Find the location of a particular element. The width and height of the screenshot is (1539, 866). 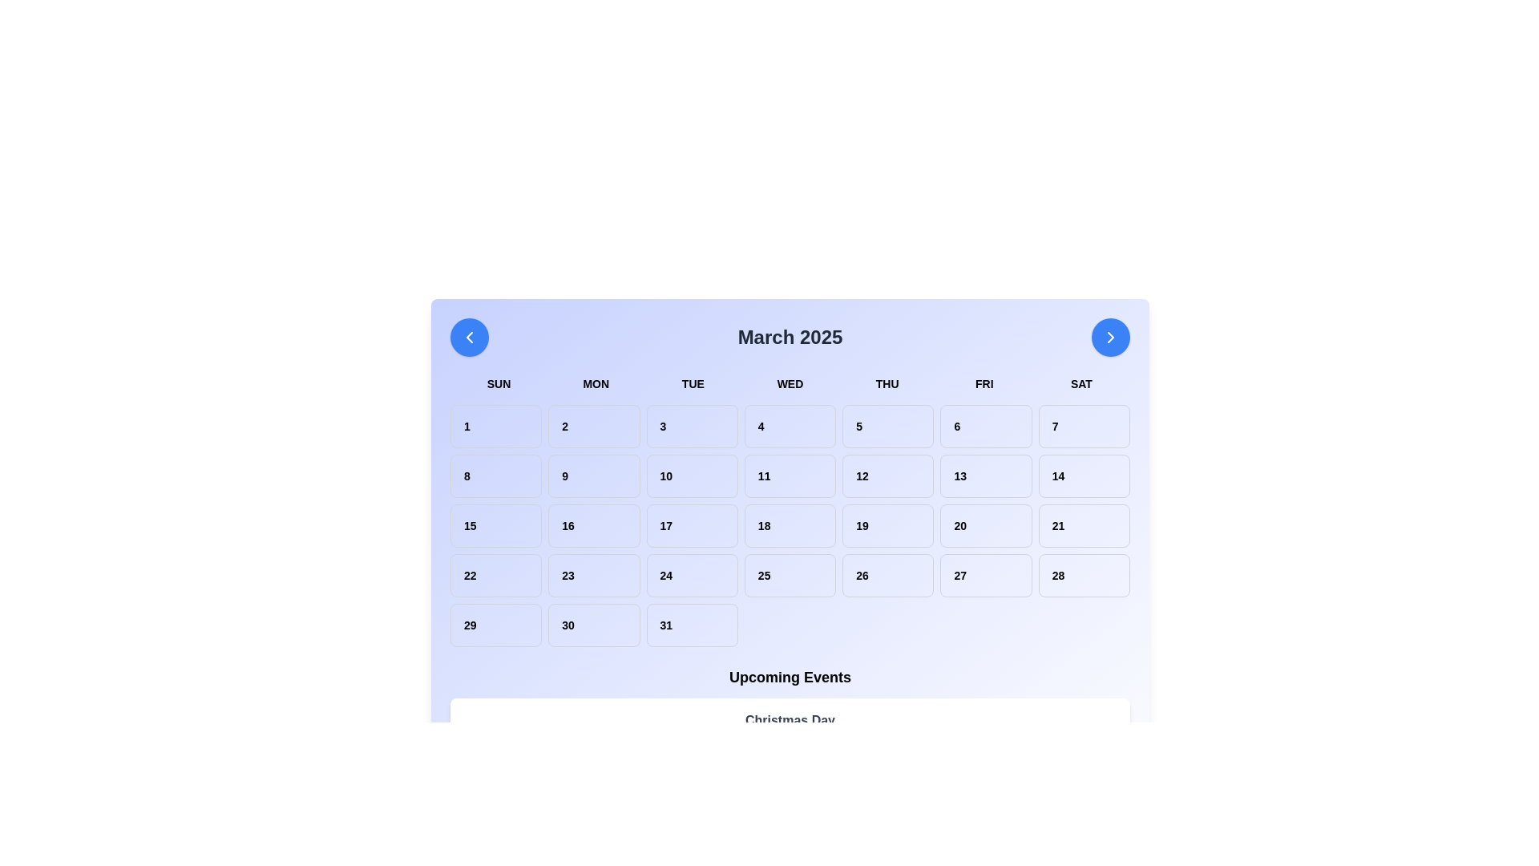

the interactive calendar day button displaying the number '2' located under 'March 2025', in the first row and second column is located at coordinates (593, 426).